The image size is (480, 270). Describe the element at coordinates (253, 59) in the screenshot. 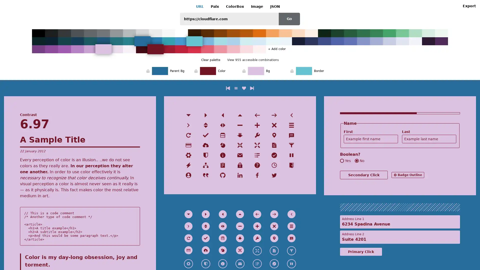

I see `View 955 accessible combinations` at that location.